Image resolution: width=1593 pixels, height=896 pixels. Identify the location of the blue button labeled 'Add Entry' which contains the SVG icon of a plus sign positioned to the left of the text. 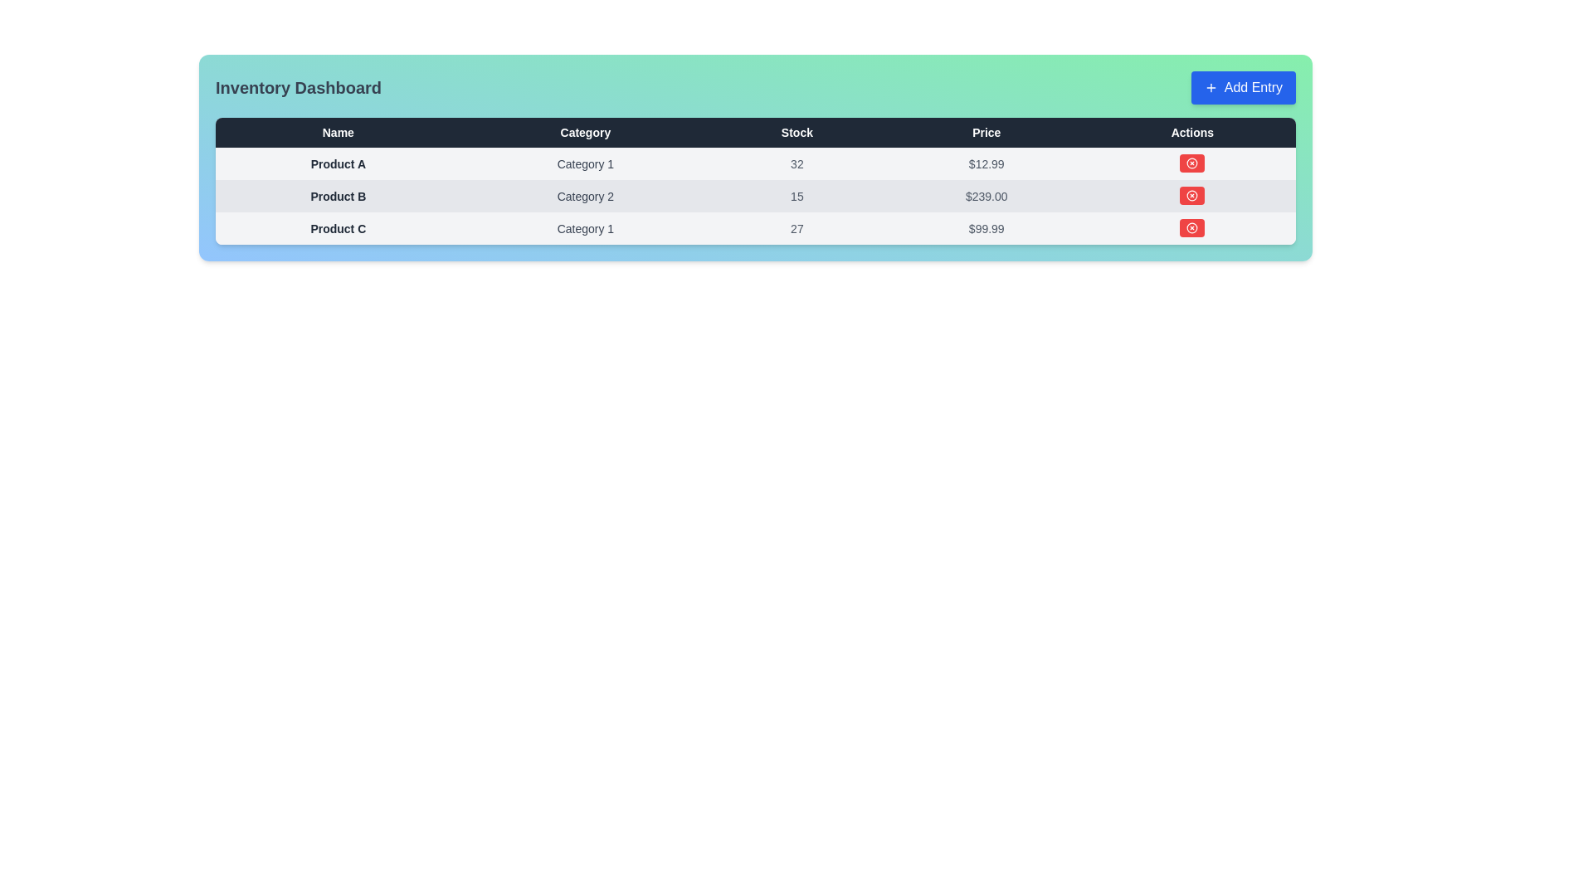
(1211, 87).